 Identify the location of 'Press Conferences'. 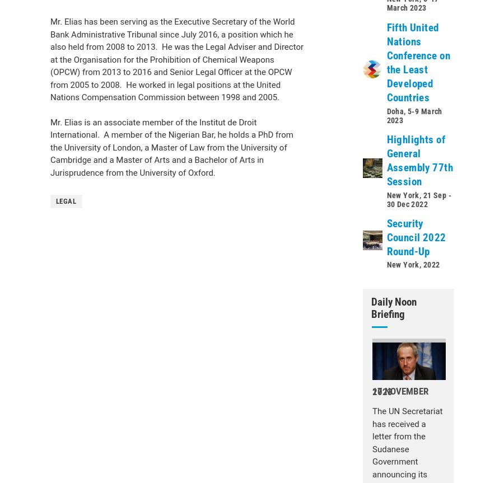
(95, 250).